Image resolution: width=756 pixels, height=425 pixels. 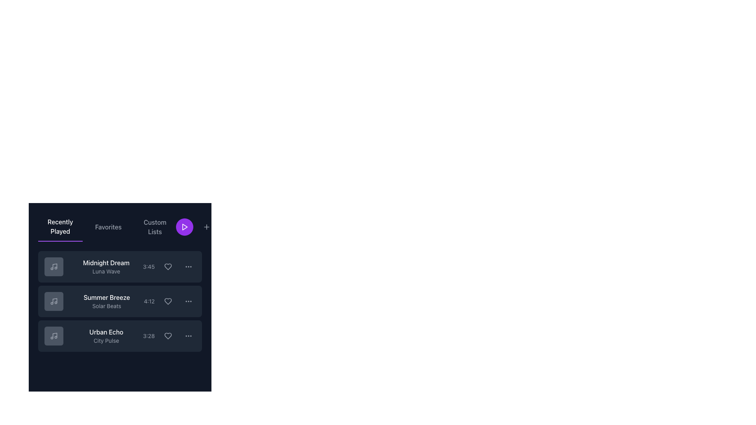 What do you see at coordinates (188, 336) in the screenshot?
I see `the second button next to the 'Urban Echo' item` at bounding box center [188, 336].